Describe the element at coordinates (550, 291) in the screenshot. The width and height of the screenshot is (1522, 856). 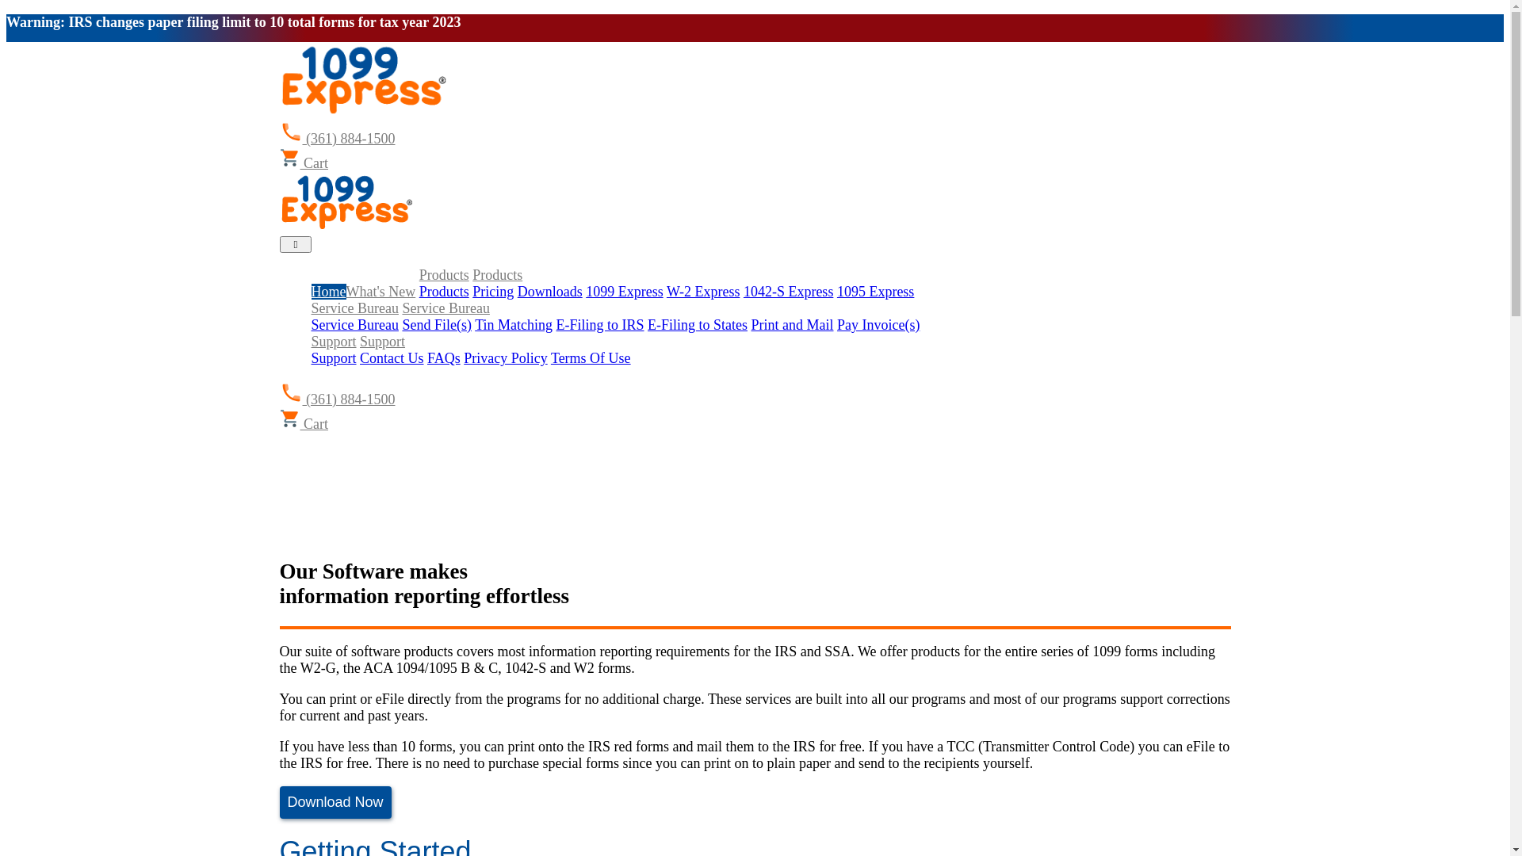
I see `'Downloads'` at that location.